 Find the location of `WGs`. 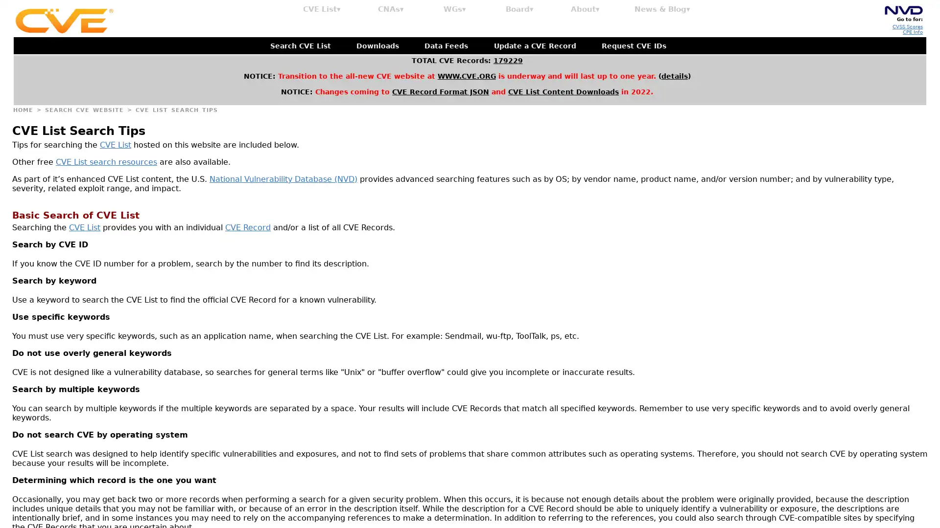

WGs is located at coordinates (454, 9).